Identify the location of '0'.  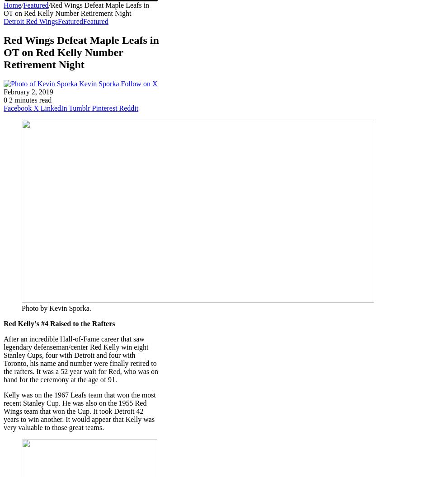
(5, 99).